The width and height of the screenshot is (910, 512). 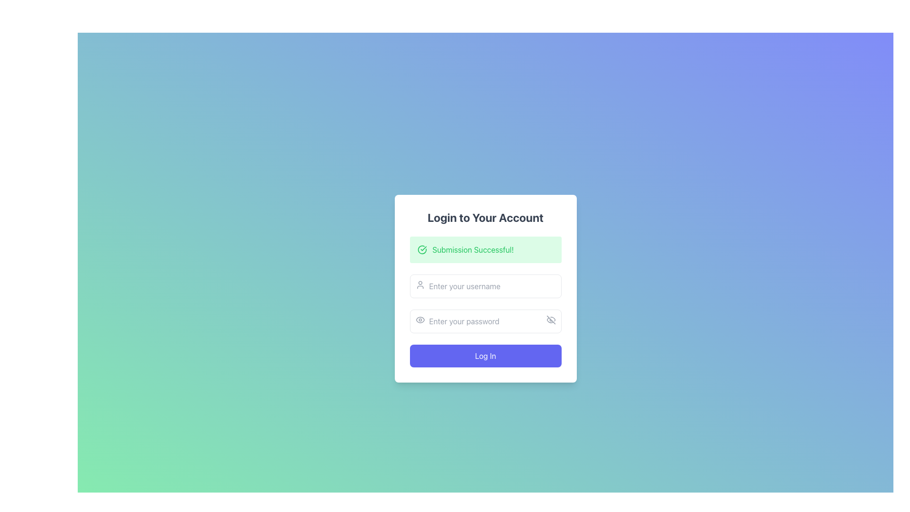 I want to click on the username input field icon located on the left side of the field, which serves as a visual indicator for the username input, so click(x=419, y=284).